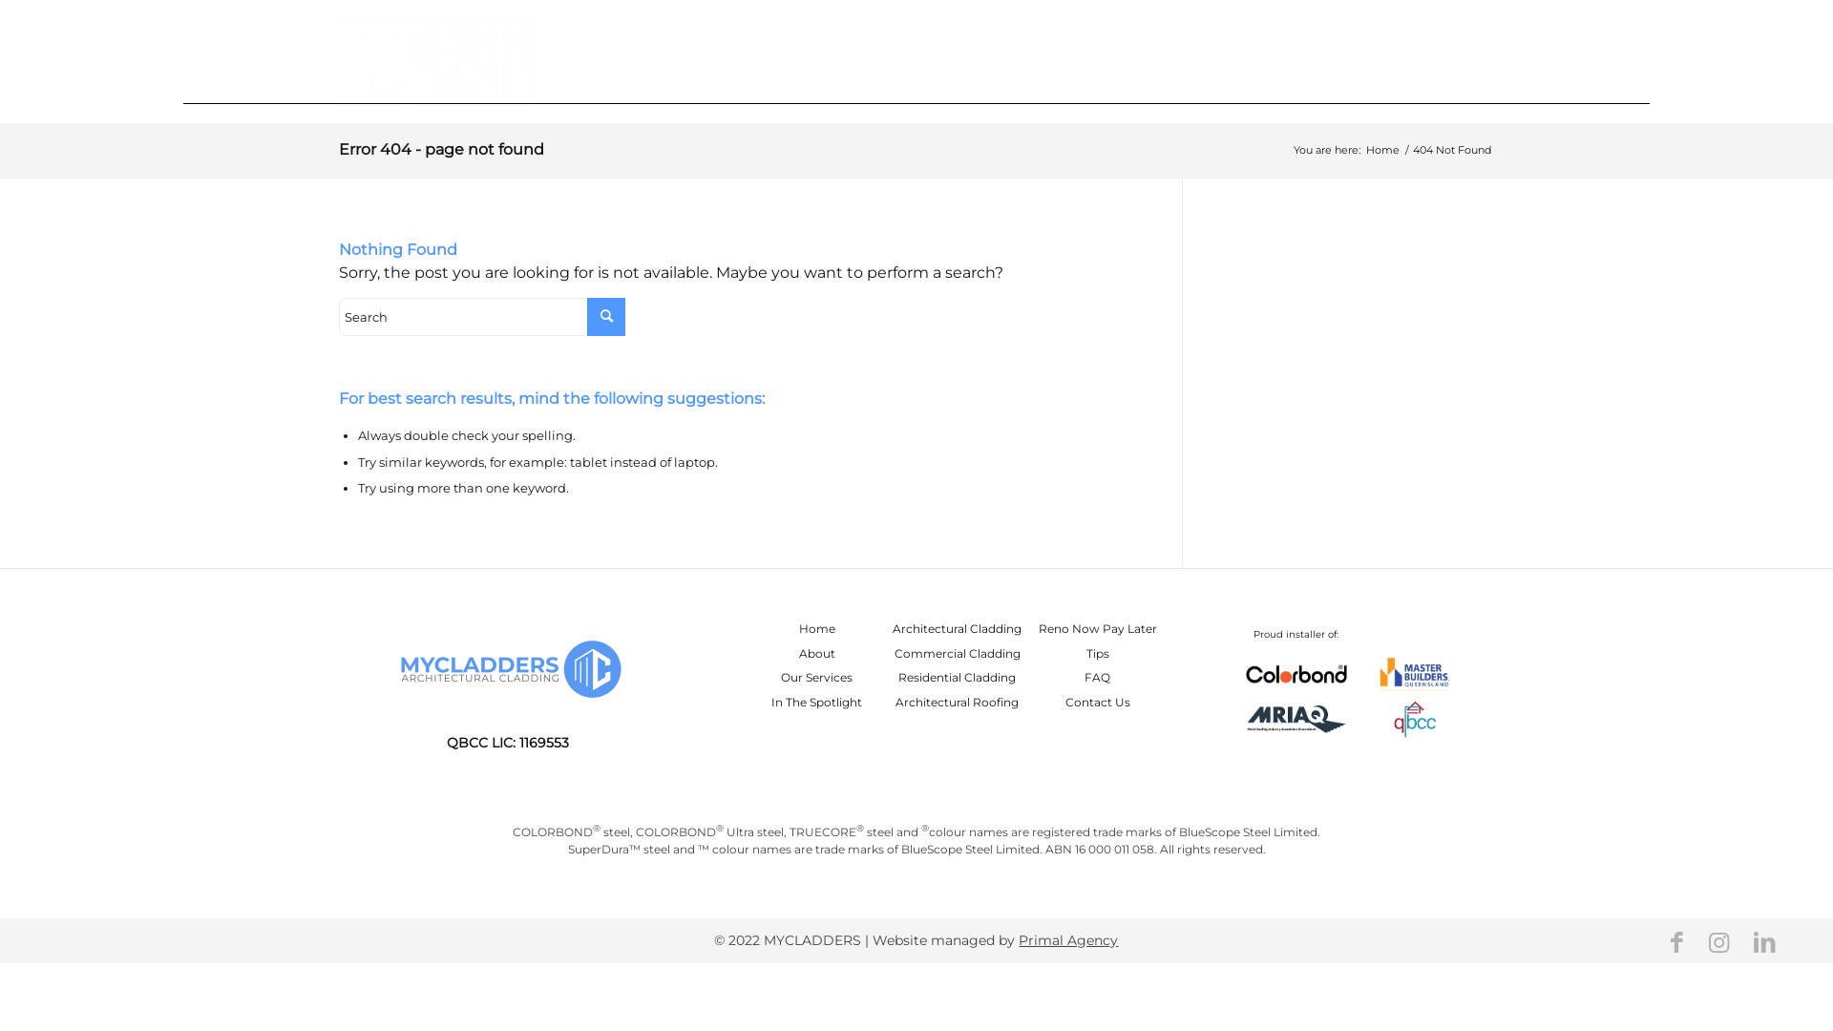 This screenshot has height=1031, width=1833. Describe the element at coordinates (1360, 56) in the screenshot. I see `'Resources'` at that location.